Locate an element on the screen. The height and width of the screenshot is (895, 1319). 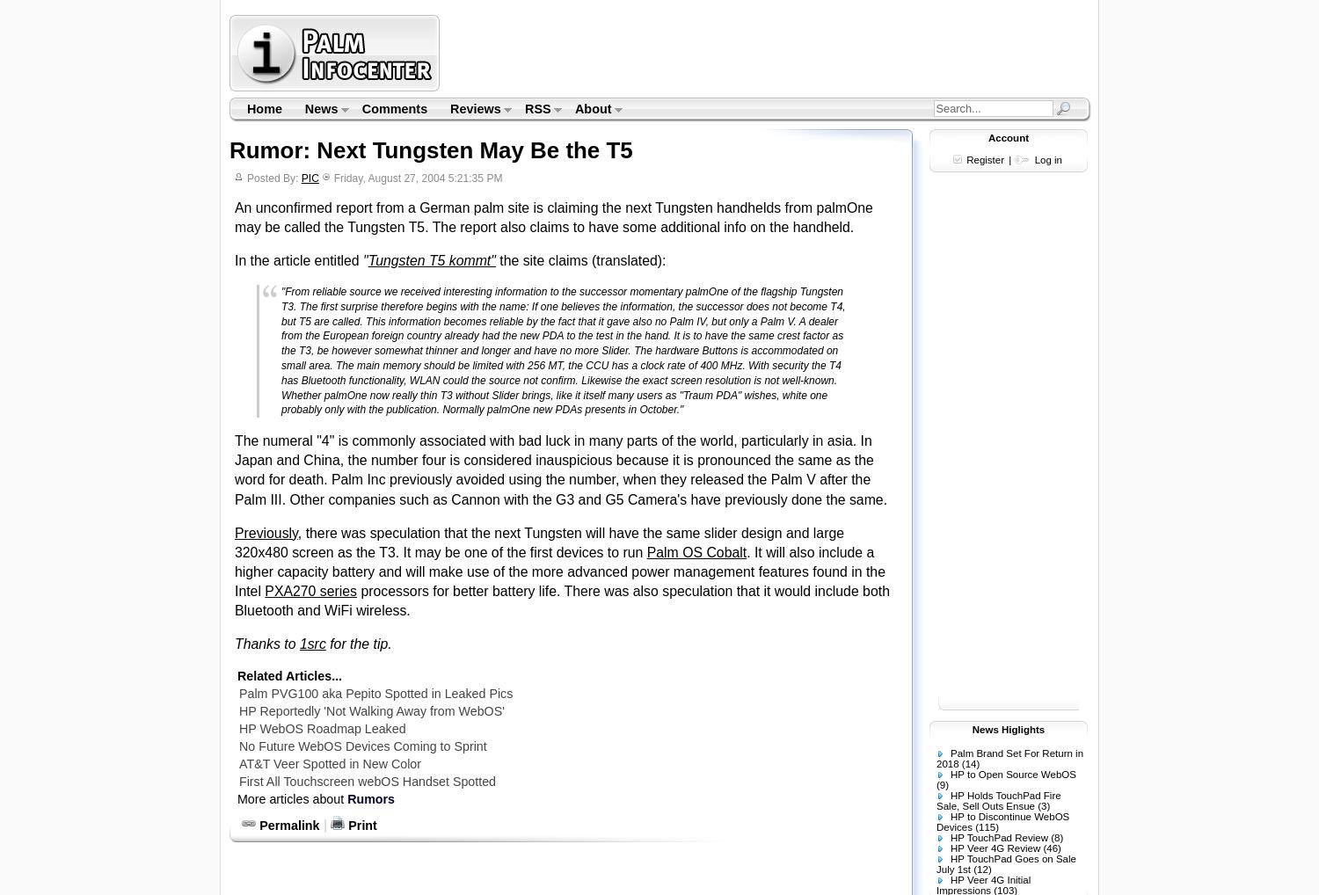
'(46)' is located at coordinates (1050, 847).